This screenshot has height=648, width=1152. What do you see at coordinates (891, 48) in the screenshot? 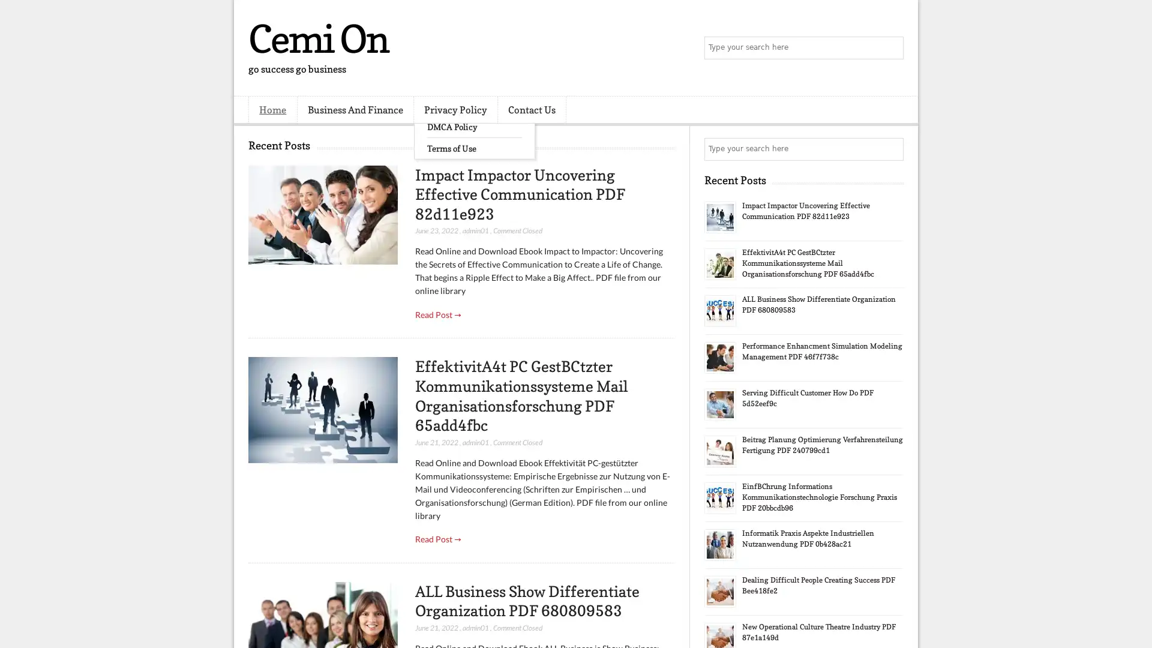
I see `Search` at bounding box center [891, 48].